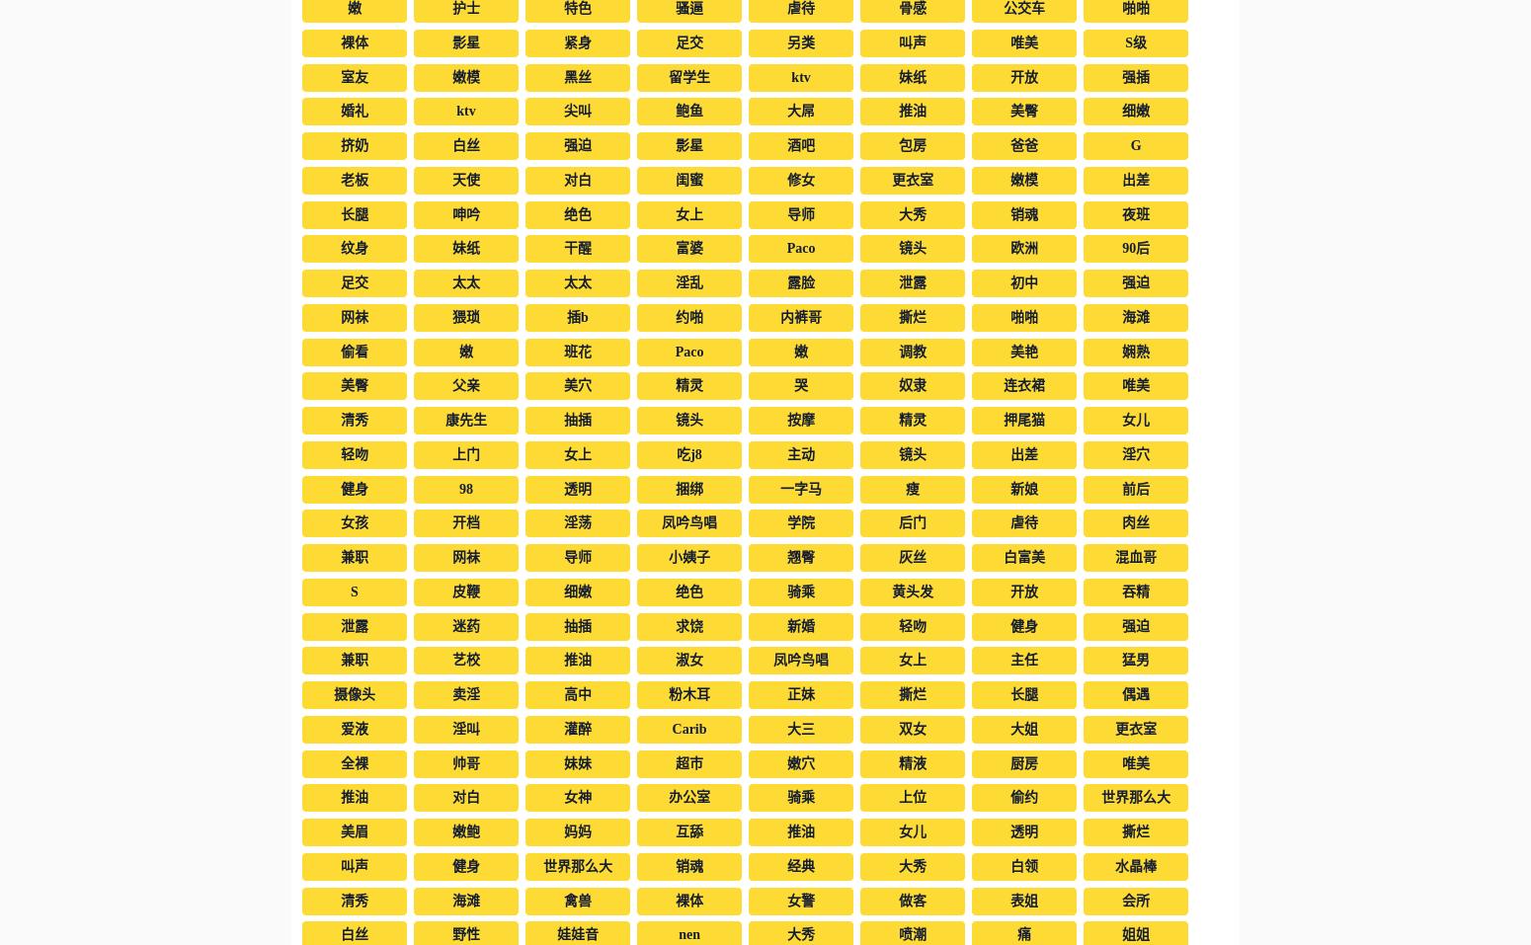 This screenshot has width=1531, height=945. What do you see at coordinates (1134, 145) in the screenshot?
I see `'G'` at bounding box center [1134, 145].